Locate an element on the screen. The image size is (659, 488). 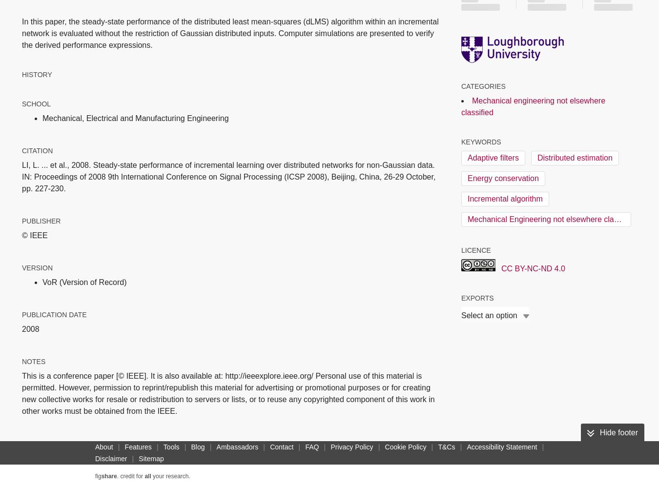
'Exports' is located at coordinates (476, 297).